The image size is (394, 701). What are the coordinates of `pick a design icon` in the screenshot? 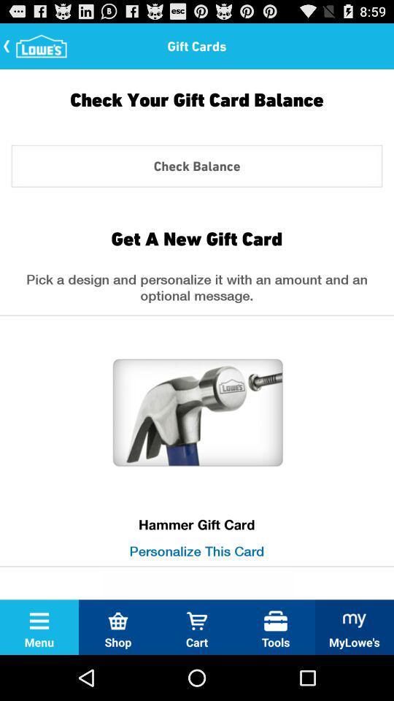 It's located at (197, 291).